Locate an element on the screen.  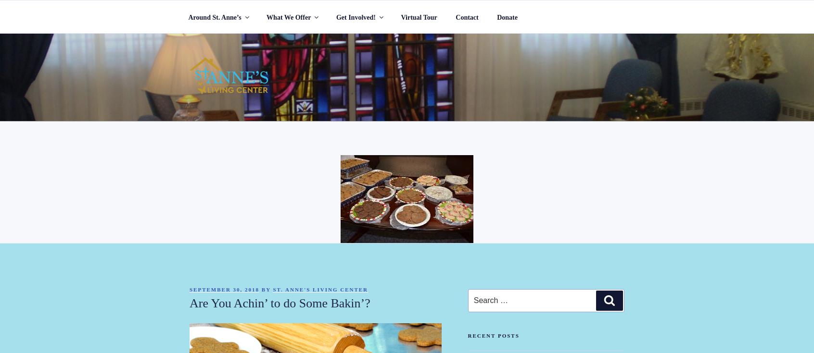
'St. Anne's Living Center' is located at coordinates (320, 289).